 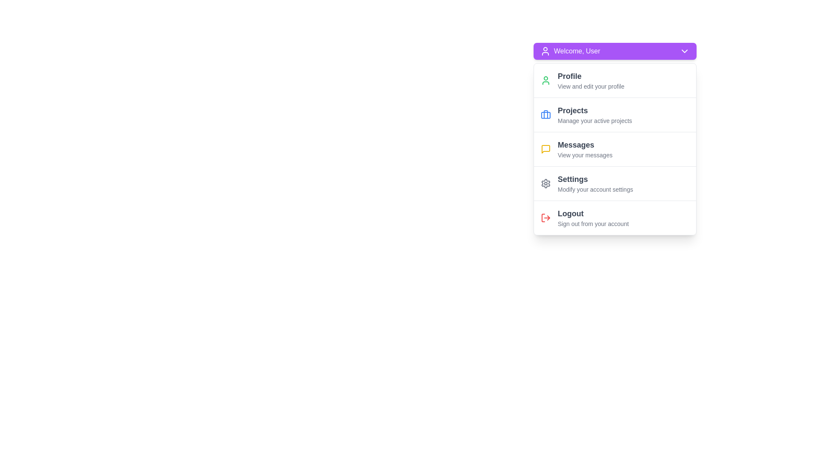 What do you see at coordinates (615, 114) in the screenshot?
I see `the 'Projects' button in the dropdown menu` at bounding box center [615, 114].